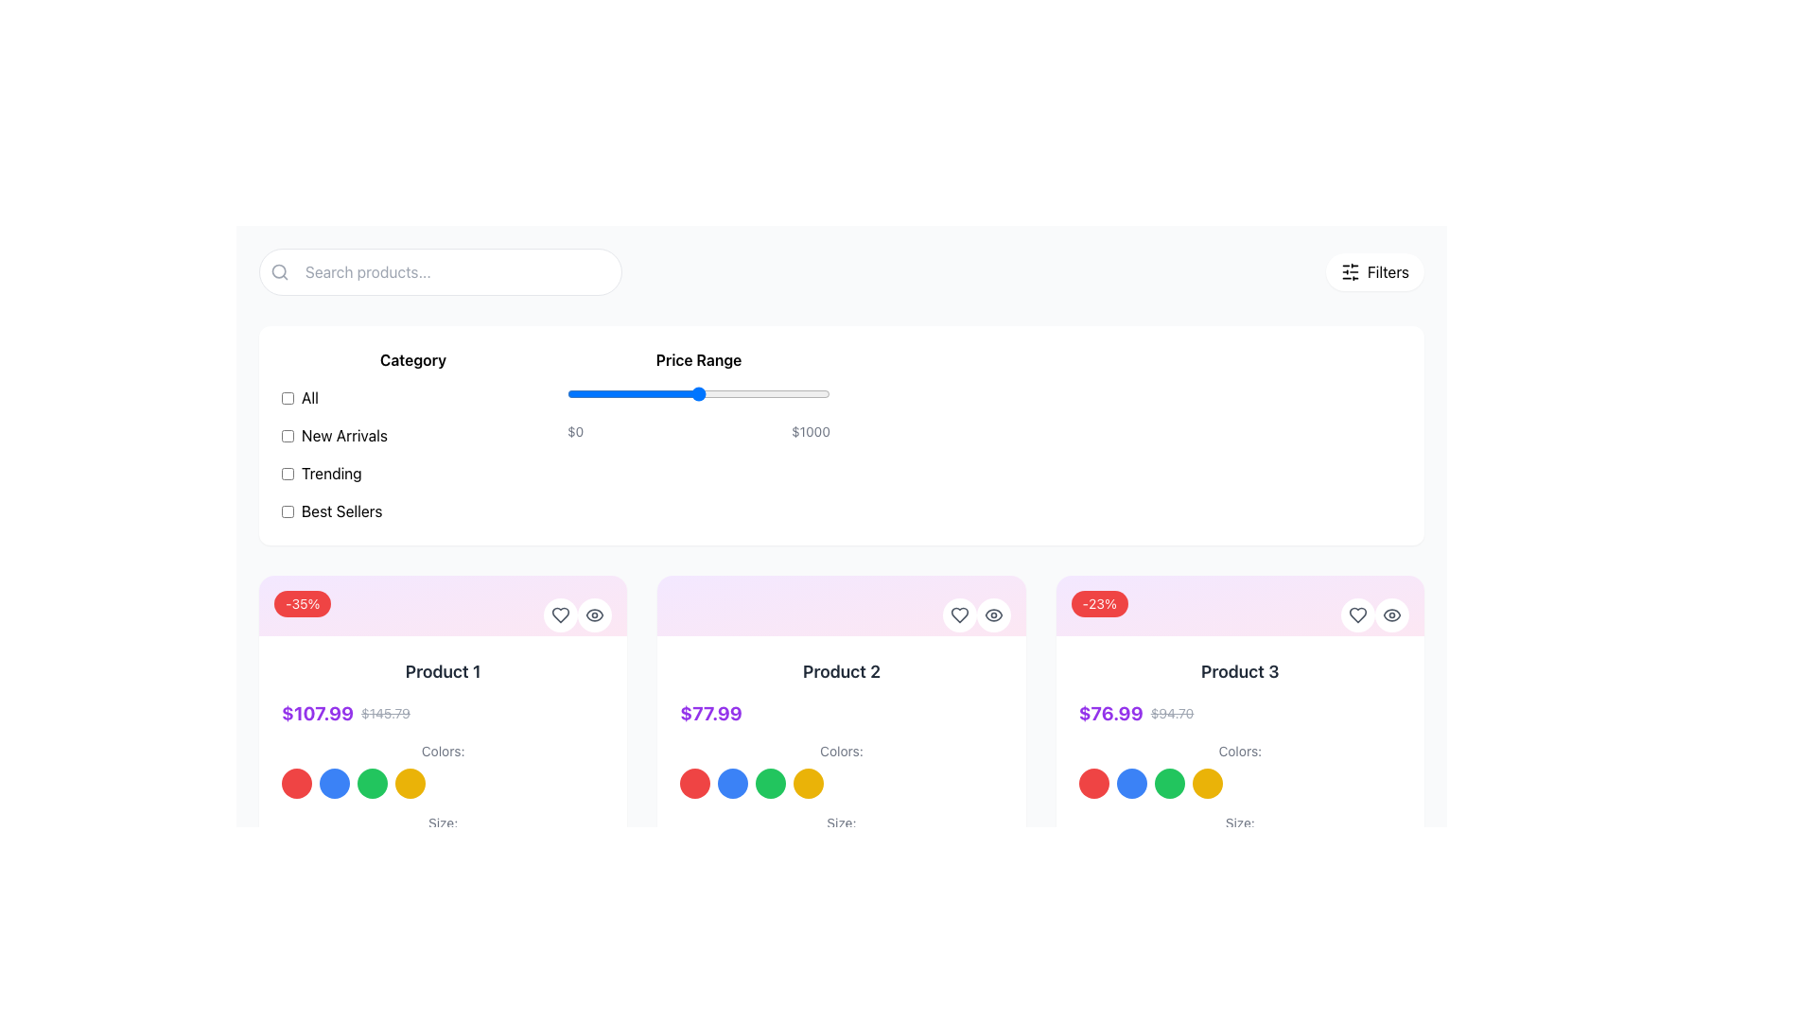 Image resolution: width=1816 pixels, height=1021 pixels. What do you see at coordinates (560, 615) in the screenshot?
I see `the favorite button located at the top-right of the first product card to mark the item as liked` at bounding box center [560, 615].